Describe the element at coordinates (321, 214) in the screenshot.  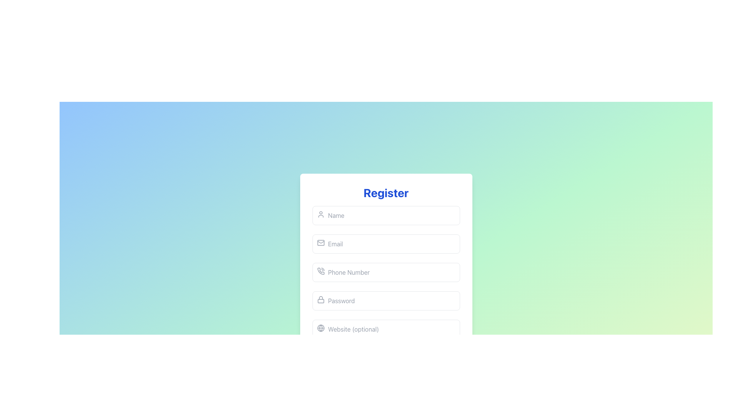
I see `the user icon element located inside the 'Name' input field, which is styled in gray with a circular head and a semi-circular body` at that location.